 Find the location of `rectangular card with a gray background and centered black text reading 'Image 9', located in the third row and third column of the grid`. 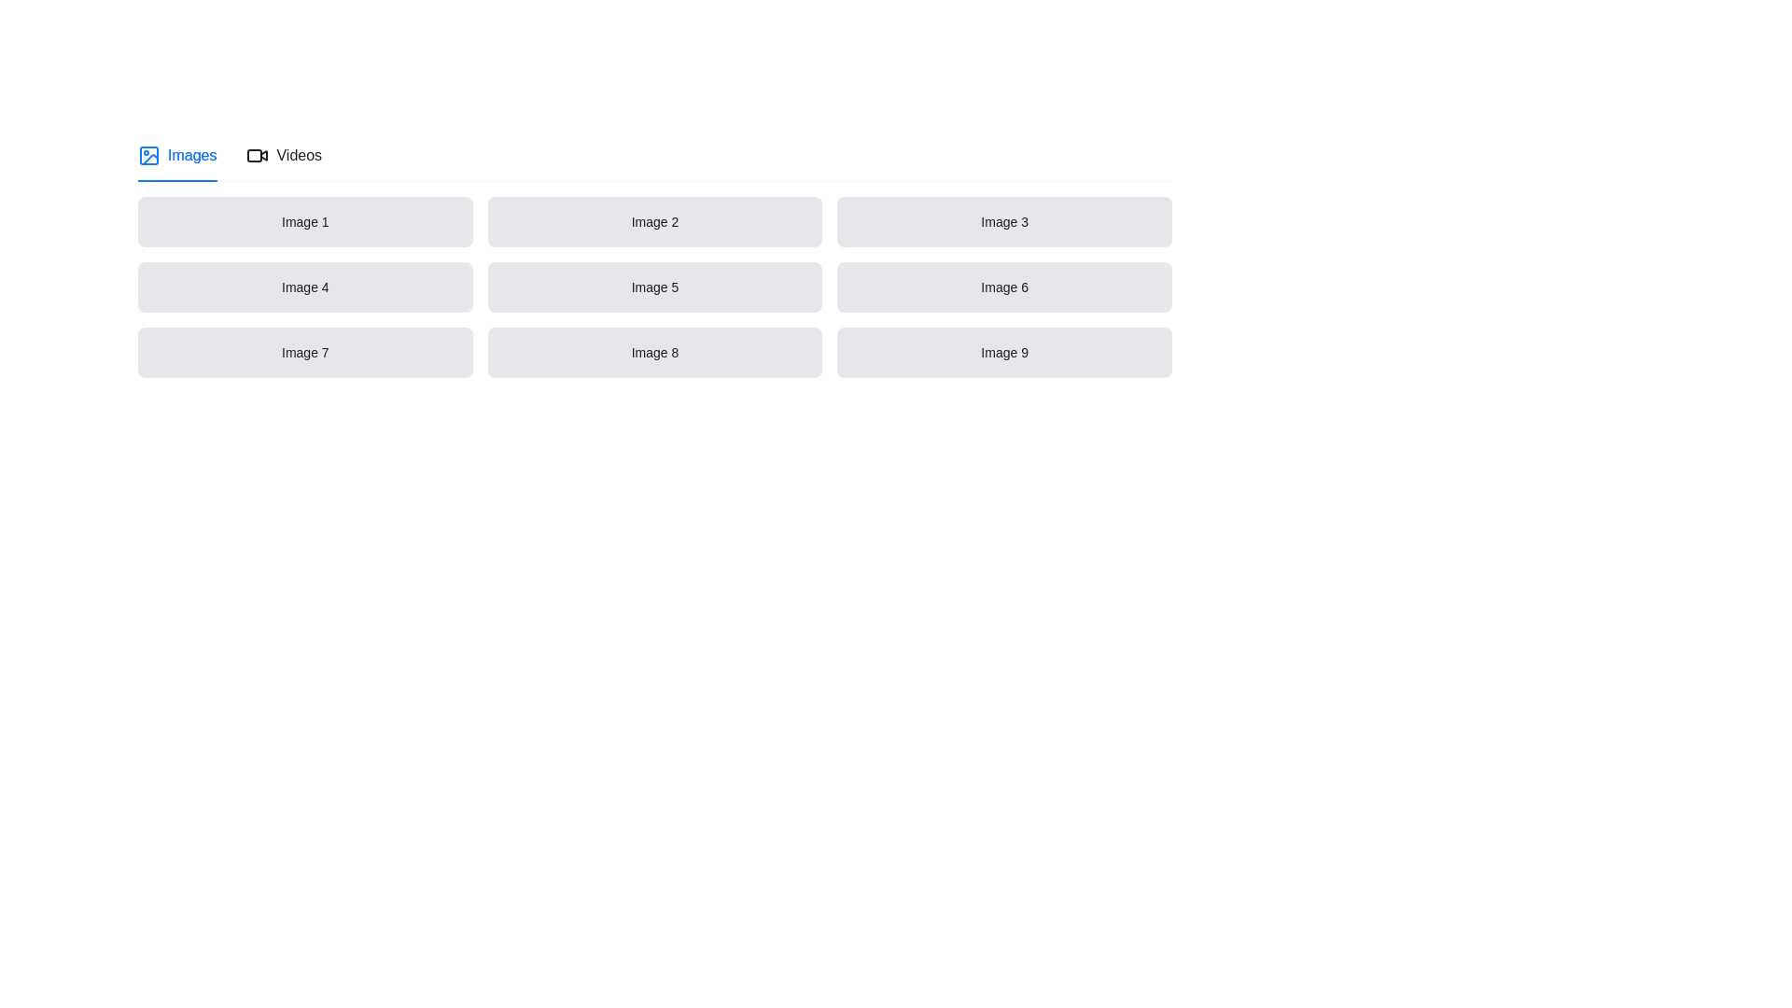

rectangular card with a gray background and centered black text reading 'Image 9', located in the third row and third column of the grid is located at coordinates (1003, 353).